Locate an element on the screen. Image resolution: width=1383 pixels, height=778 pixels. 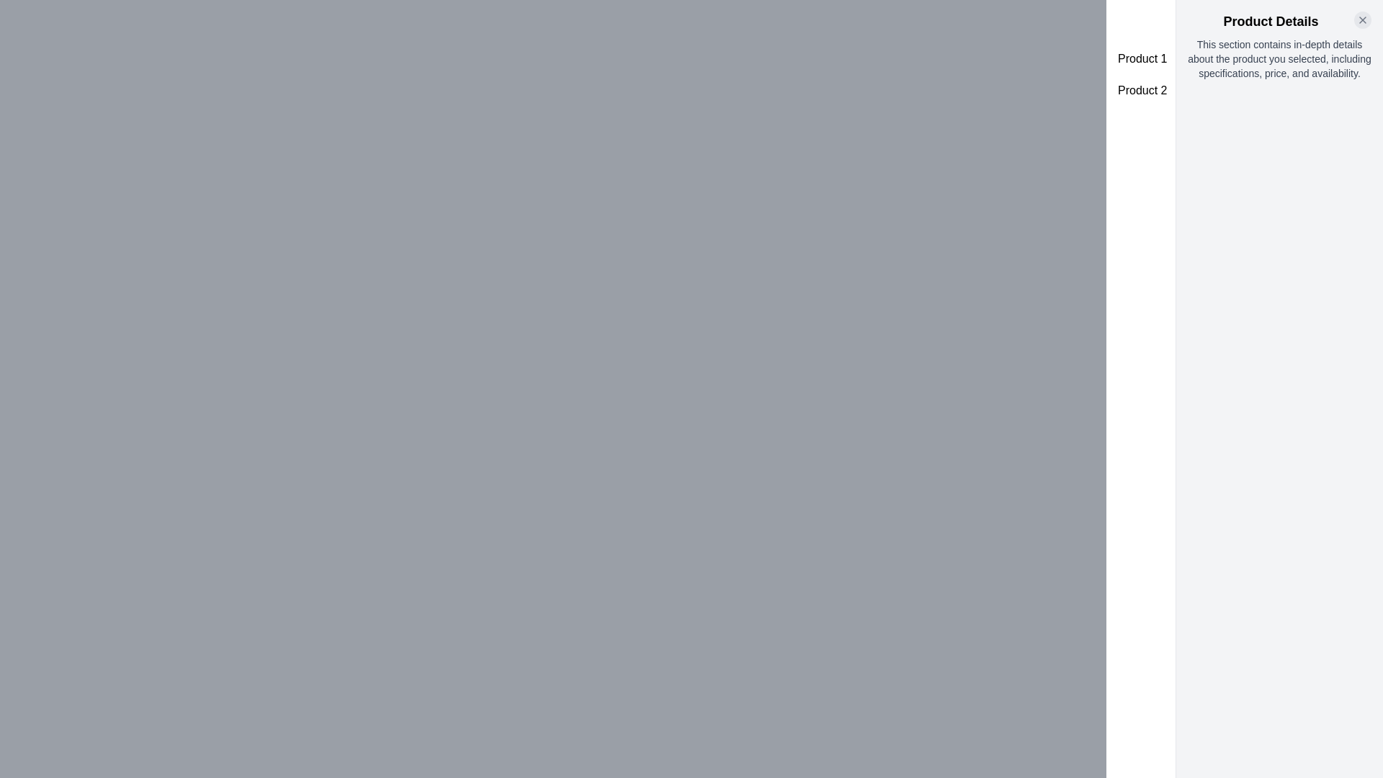
text displayed in the 'Product 1' label, which is a black sans-serif font text located in the upper-left section of the interface is located at coordinates (1142, 58).